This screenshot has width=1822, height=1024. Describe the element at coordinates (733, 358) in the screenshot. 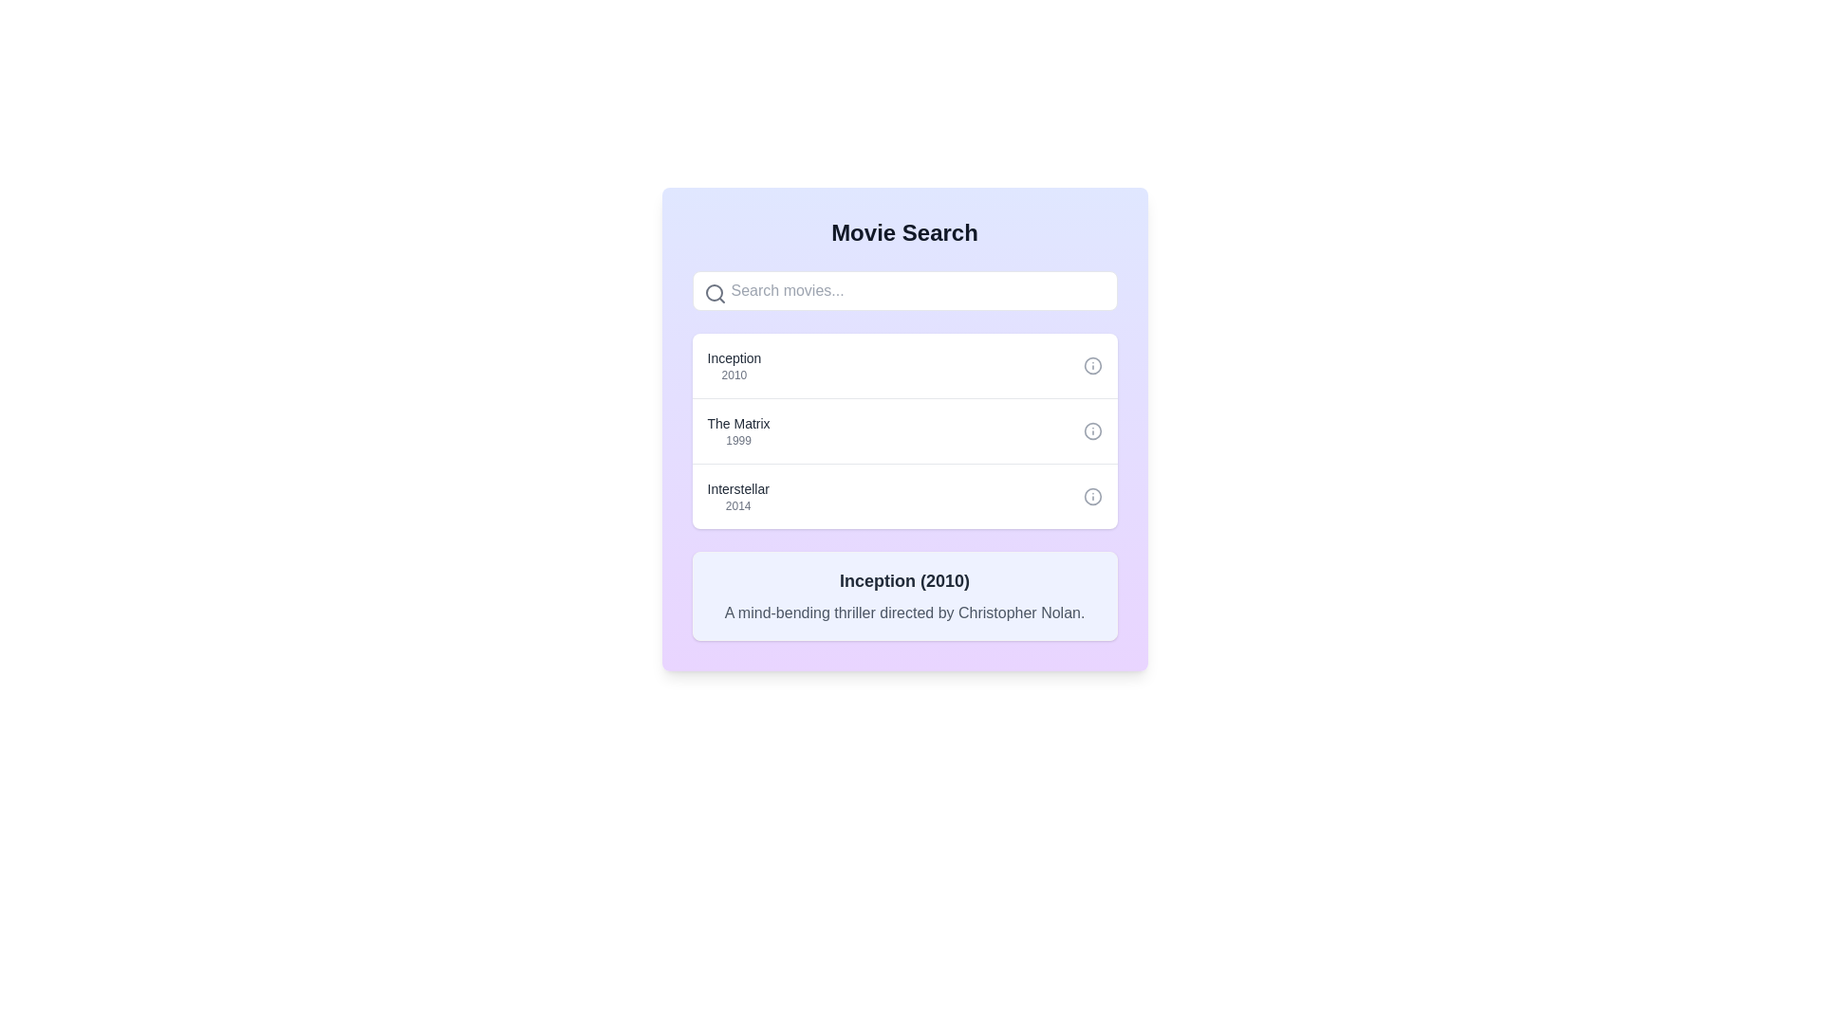

I see `the static text label element displaying 'Inception', which is styled in dark gray and positioned above the release year '2010'` at that location.